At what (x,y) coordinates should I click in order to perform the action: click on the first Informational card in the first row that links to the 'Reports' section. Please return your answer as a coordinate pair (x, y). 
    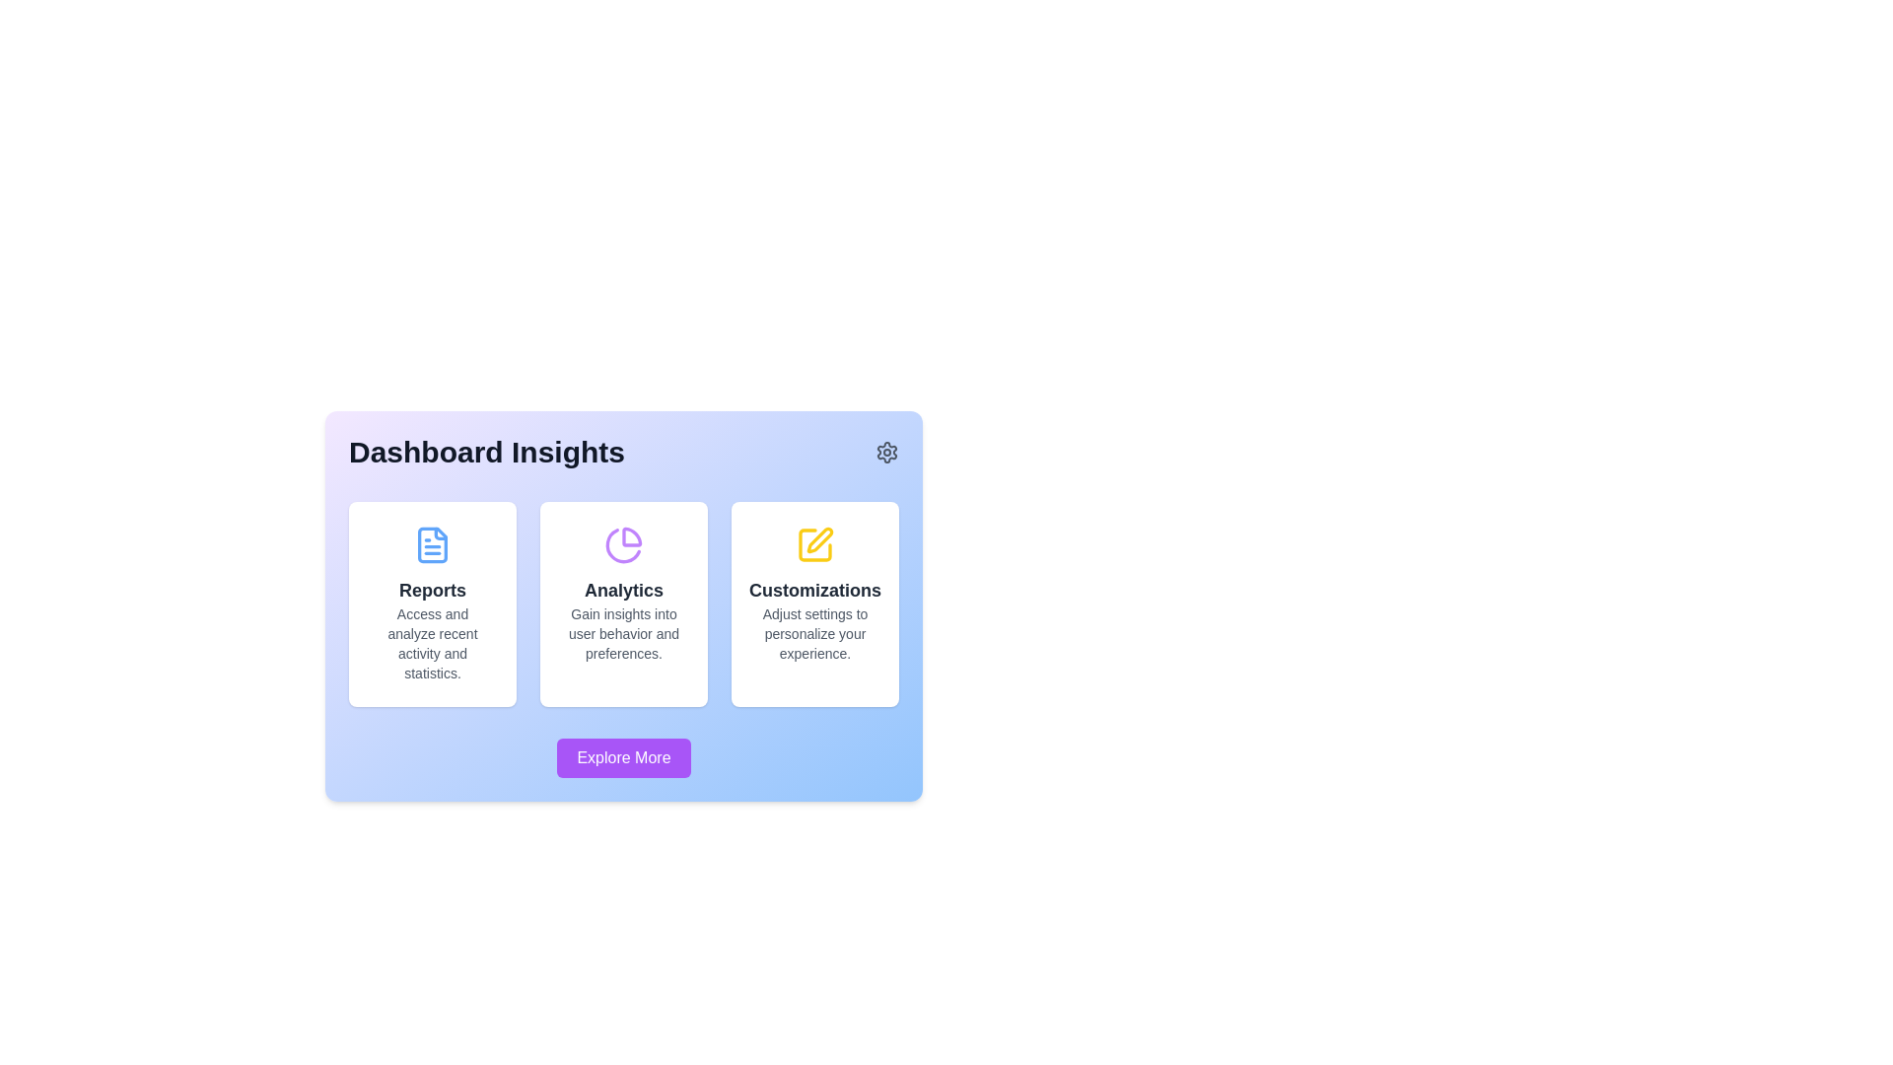
    Looking at the image, I should click on (431, 603).